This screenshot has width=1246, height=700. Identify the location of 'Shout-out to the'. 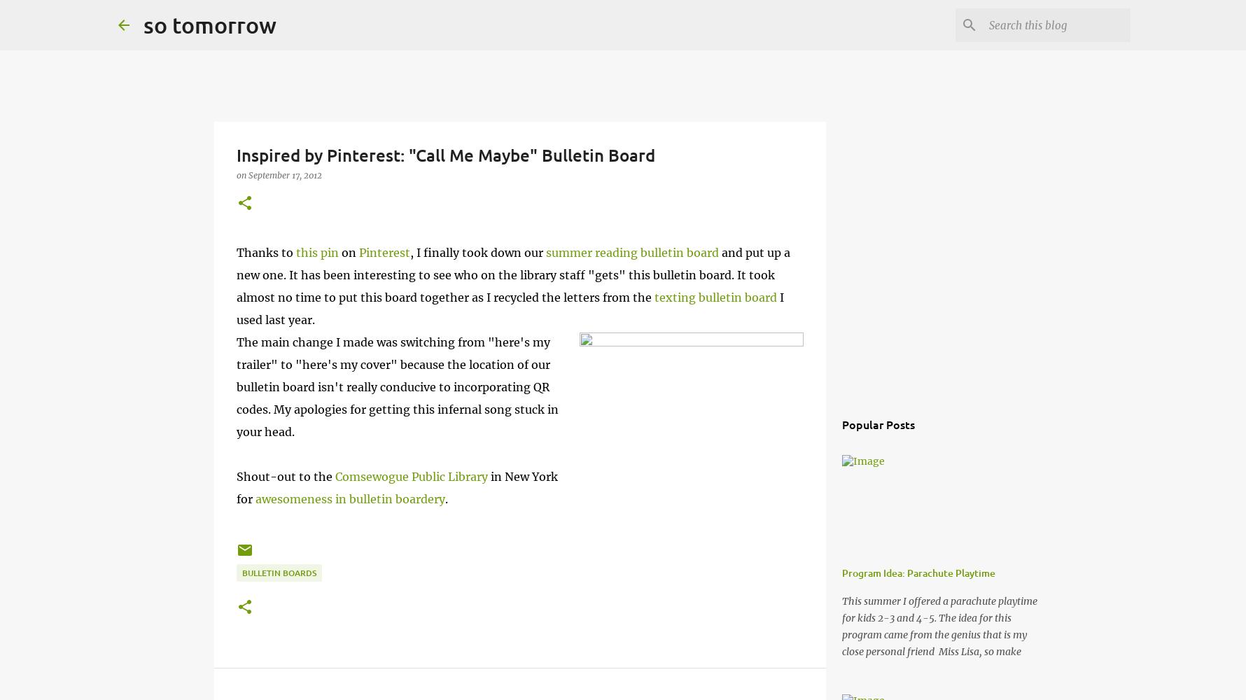
(284, 477).